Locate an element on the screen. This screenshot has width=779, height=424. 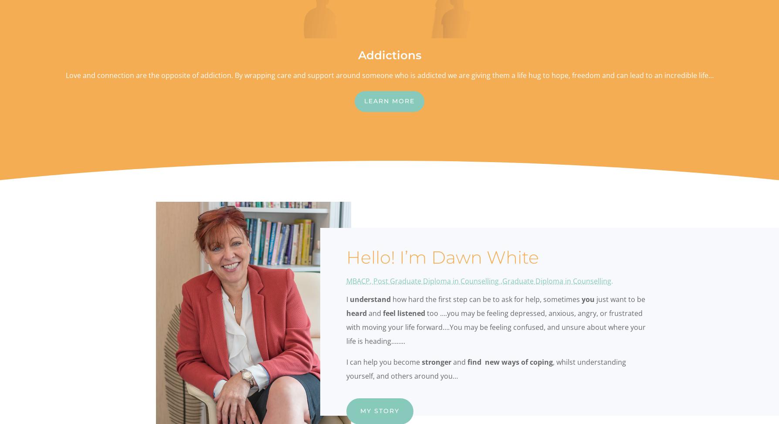
'Love and connection are the opposite of addiction. By wrapping care and support around someone who is addicted we are giving them a life hug to hope, freedom and can lead to an incredible life…' is located at coordinates (389, 75).